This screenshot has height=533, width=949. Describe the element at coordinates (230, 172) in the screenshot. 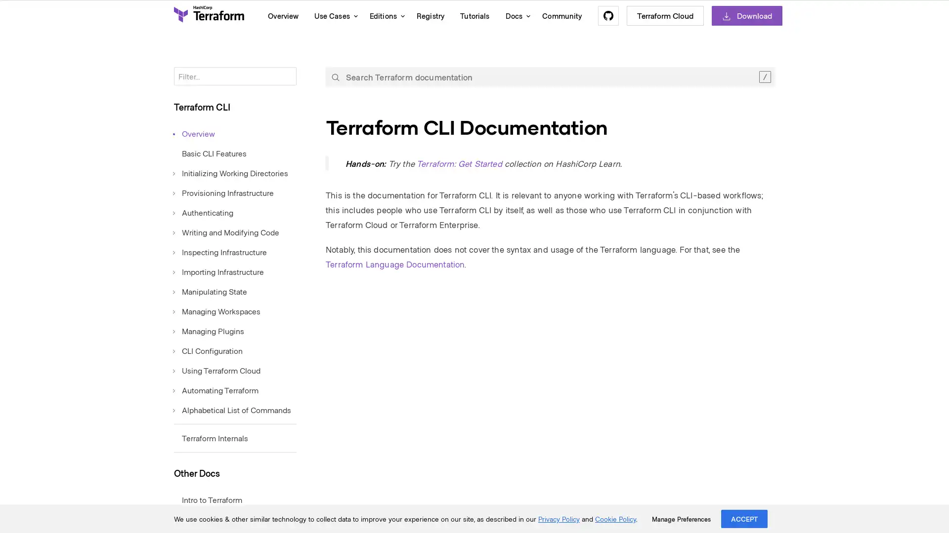

I see `Initializing Working Directories` at that location.